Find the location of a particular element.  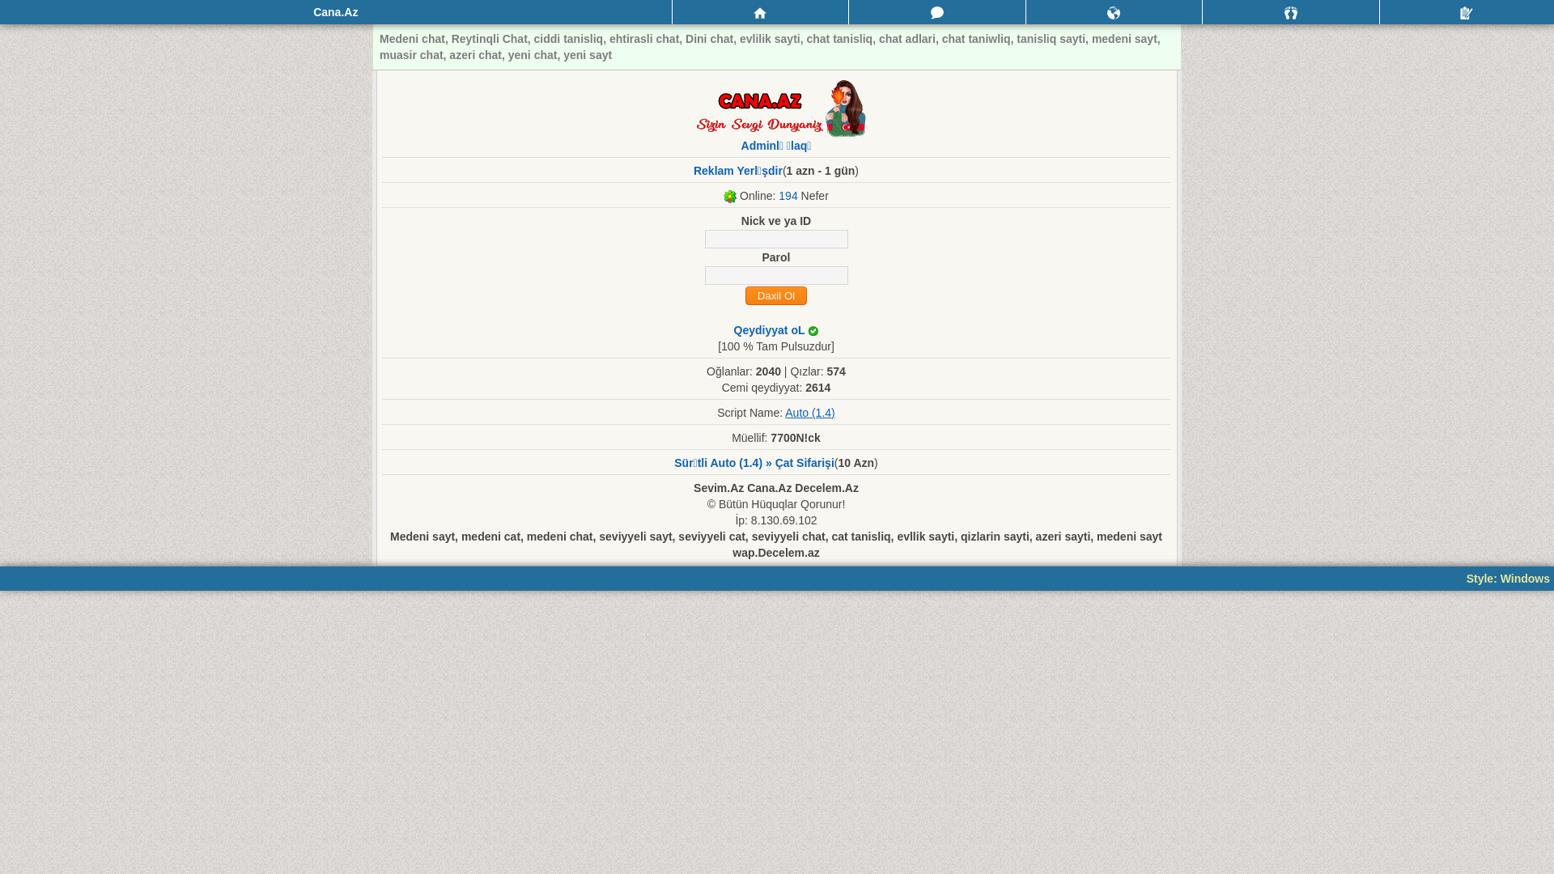

'Mesajlar' is located at coordinates (936, 12).